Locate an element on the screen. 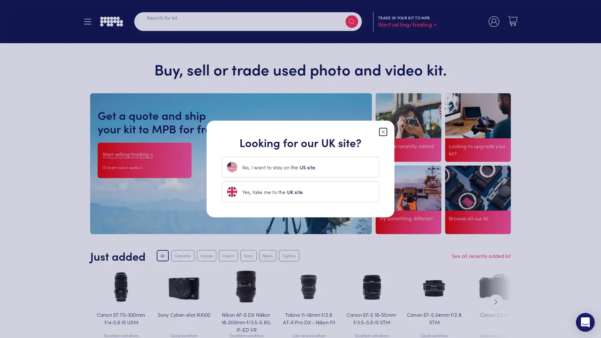 The width and height of the screenshot is (601, 338). Recently added kit is located at coordinates (400, 162).